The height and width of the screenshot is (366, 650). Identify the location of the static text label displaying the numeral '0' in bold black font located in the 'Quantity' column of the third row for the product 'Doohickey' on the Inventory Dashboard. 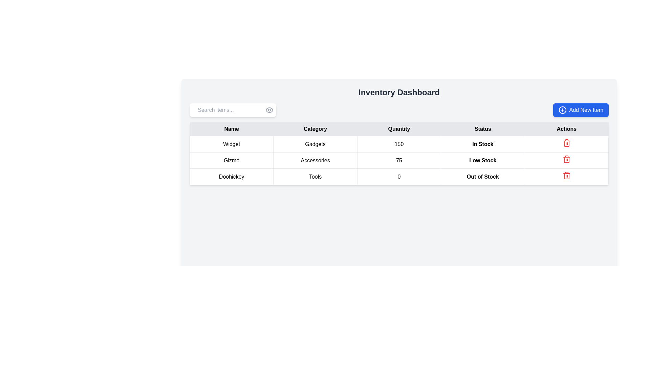
(399, 176).